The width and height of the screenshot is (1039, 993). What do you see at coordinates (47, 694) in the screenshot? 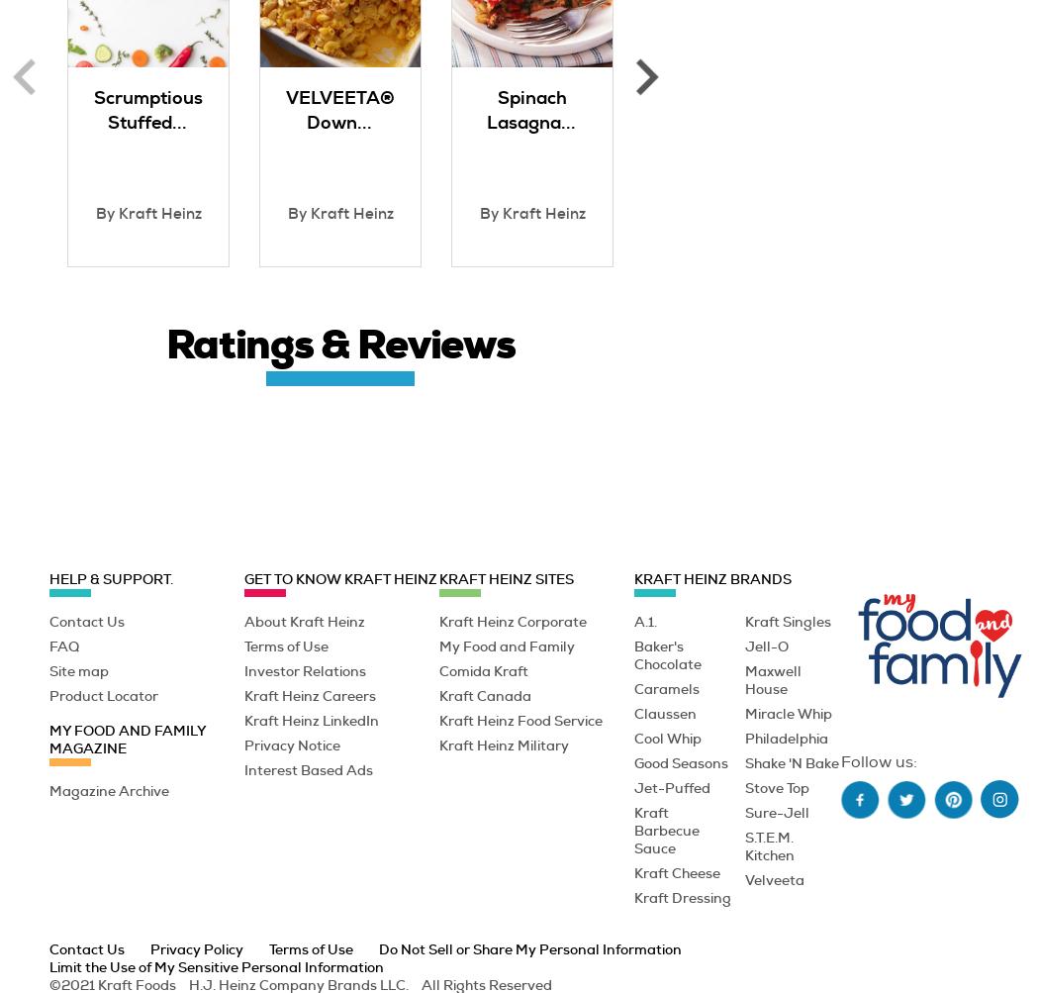
I see `'Product Locator'` at bounding box center [47, 694].